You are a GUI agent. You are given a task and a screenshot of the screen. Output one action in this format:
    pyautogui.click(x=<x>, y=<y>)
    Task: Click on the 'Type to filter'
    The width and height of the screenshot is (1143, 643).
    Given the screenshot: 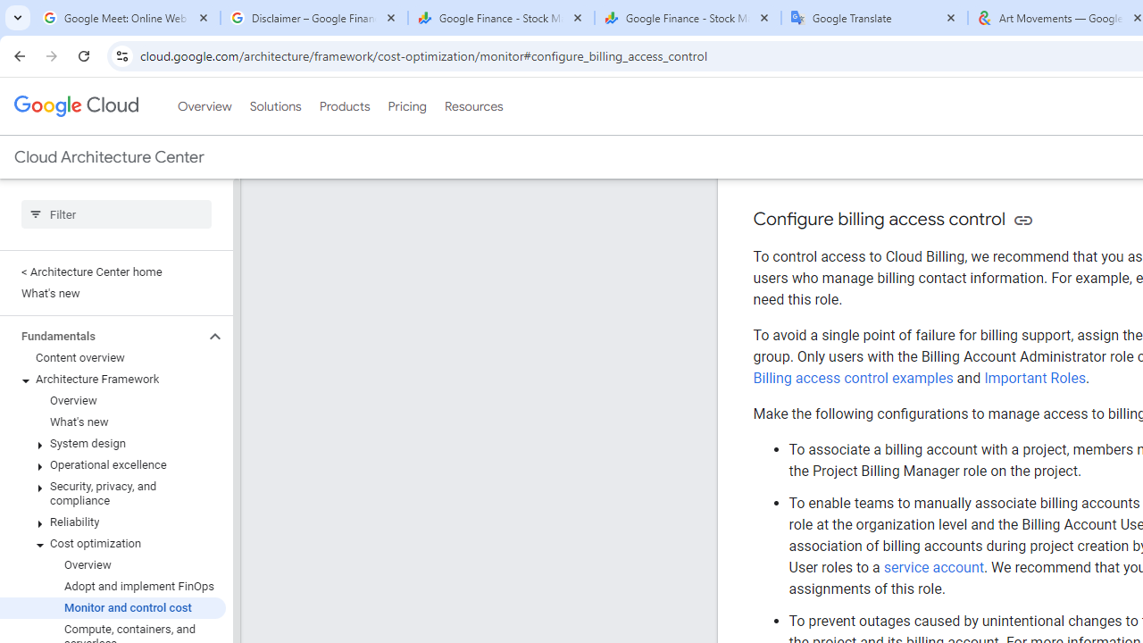 What is the action you would take?
    pyautogui.click(x=115, y=213)
    